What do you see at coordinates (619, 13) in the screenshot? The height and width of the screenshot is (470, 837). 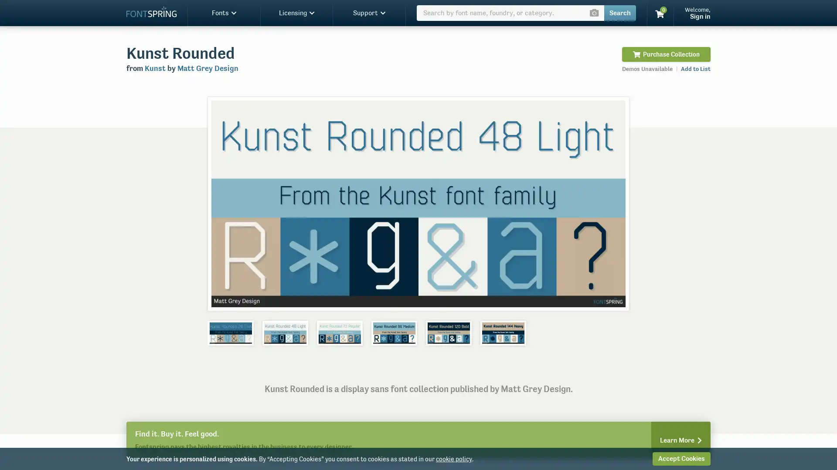 I see `Search` at bounding box center [619, 13].